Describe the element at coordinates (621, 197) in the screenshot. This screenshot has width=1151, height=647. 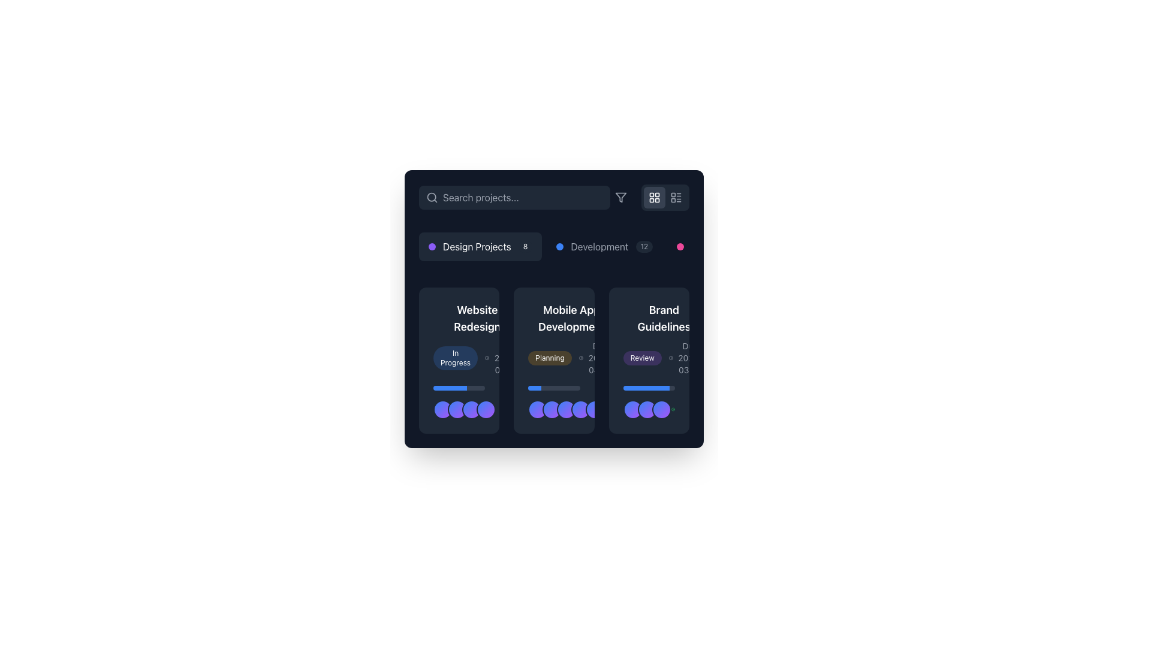
I see `the vector-based icon in the top-right corner of the interface` at that location.